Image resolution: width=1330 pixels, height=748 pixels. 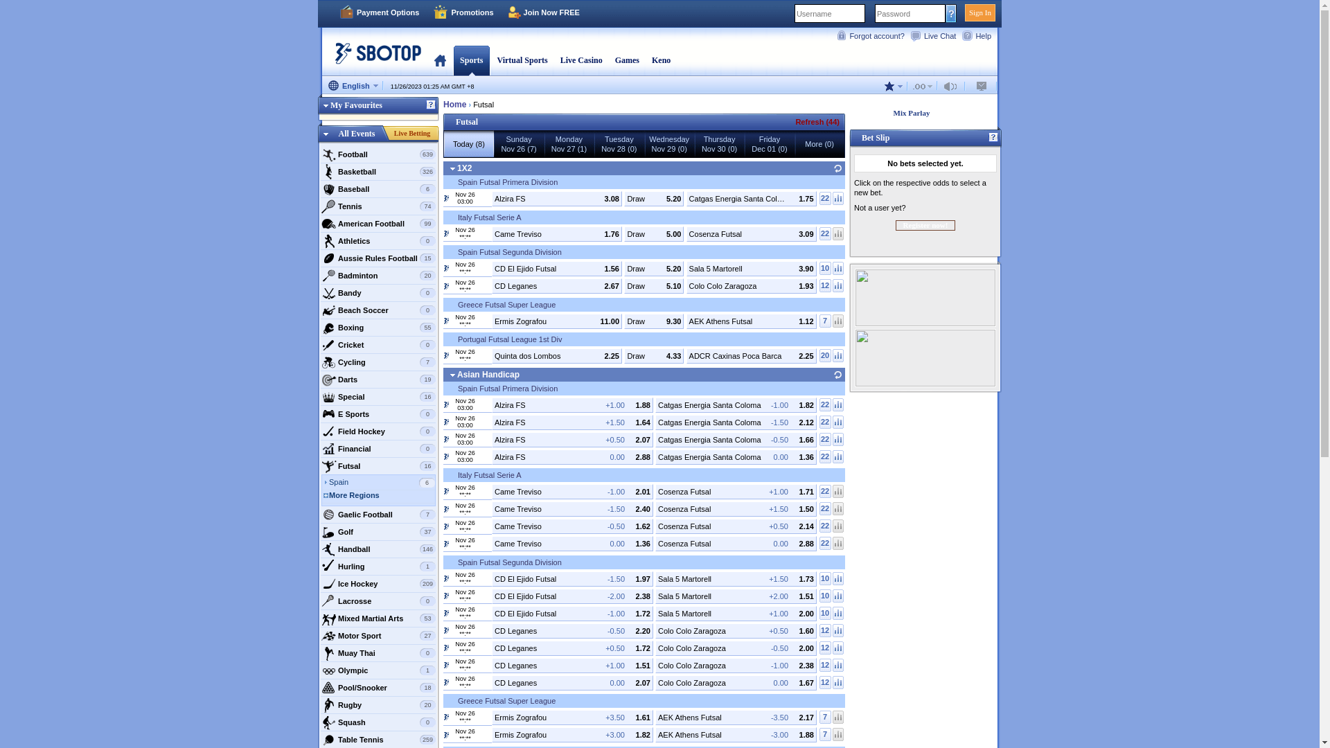 What do you see at coordinates (668, 144) in the screenshot?
I see `'Wednesday` at bounding box center [668, 144].